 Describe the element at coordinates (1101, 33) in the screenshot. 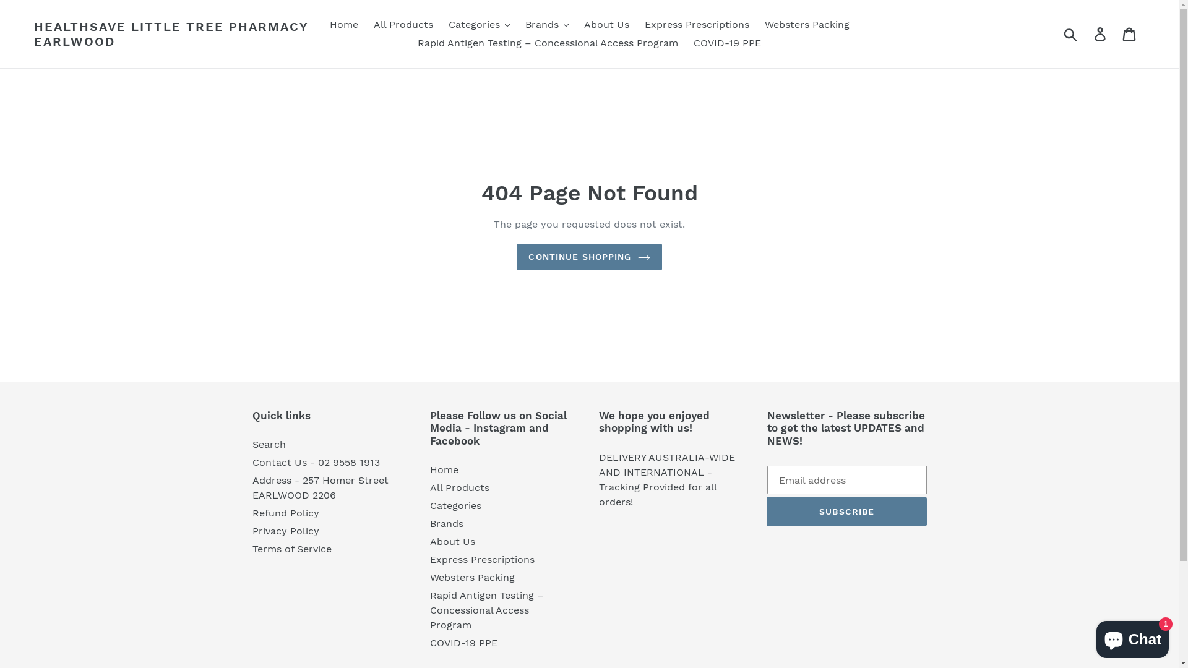

I see `'Log in'` at that location.